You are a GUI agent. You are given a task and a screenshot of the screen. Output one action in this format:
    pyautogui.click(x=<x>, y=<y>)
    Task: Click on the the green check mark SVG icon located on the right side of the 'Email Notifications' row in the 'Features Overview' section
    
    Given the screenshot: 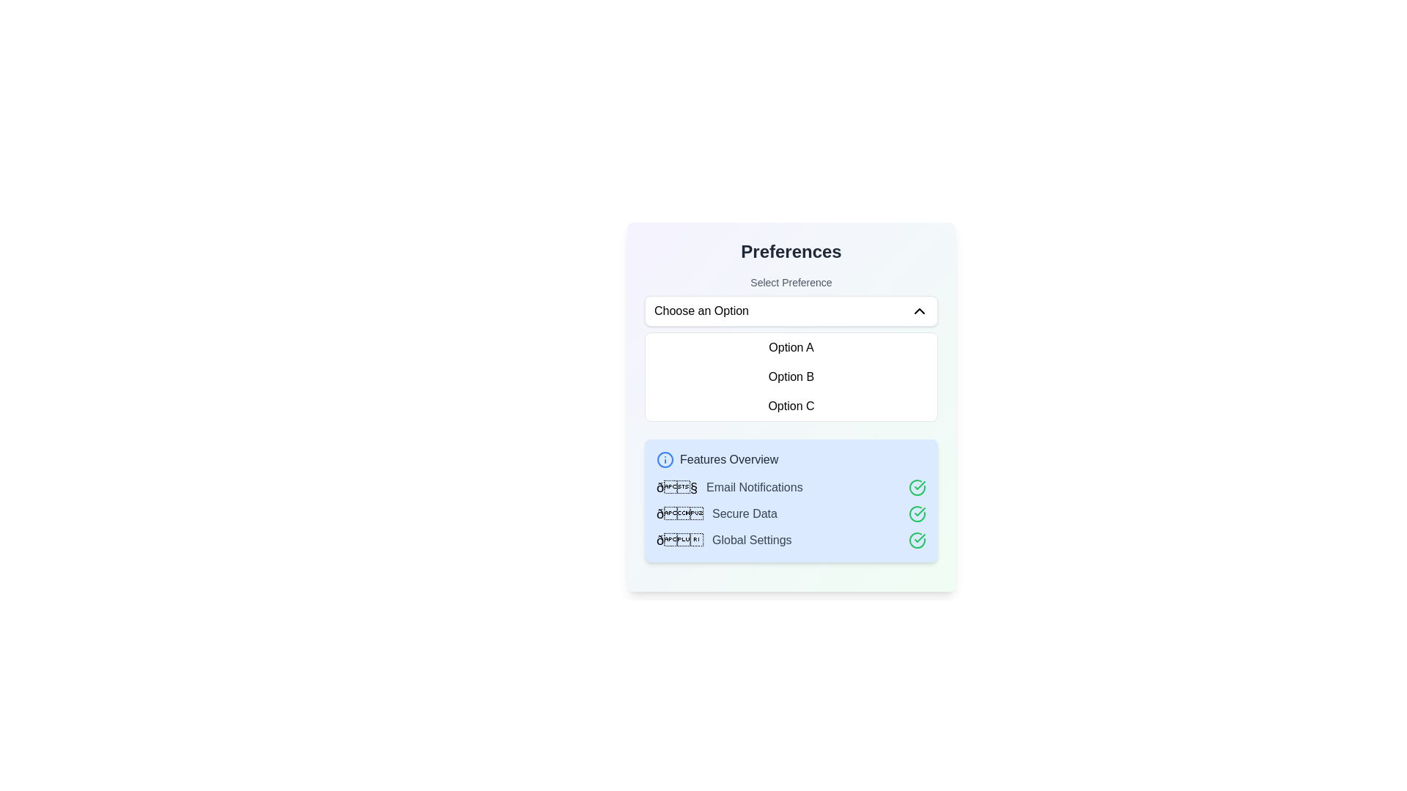 What is the action you would take?
    pyautogui.click(x=919, y=510)
    